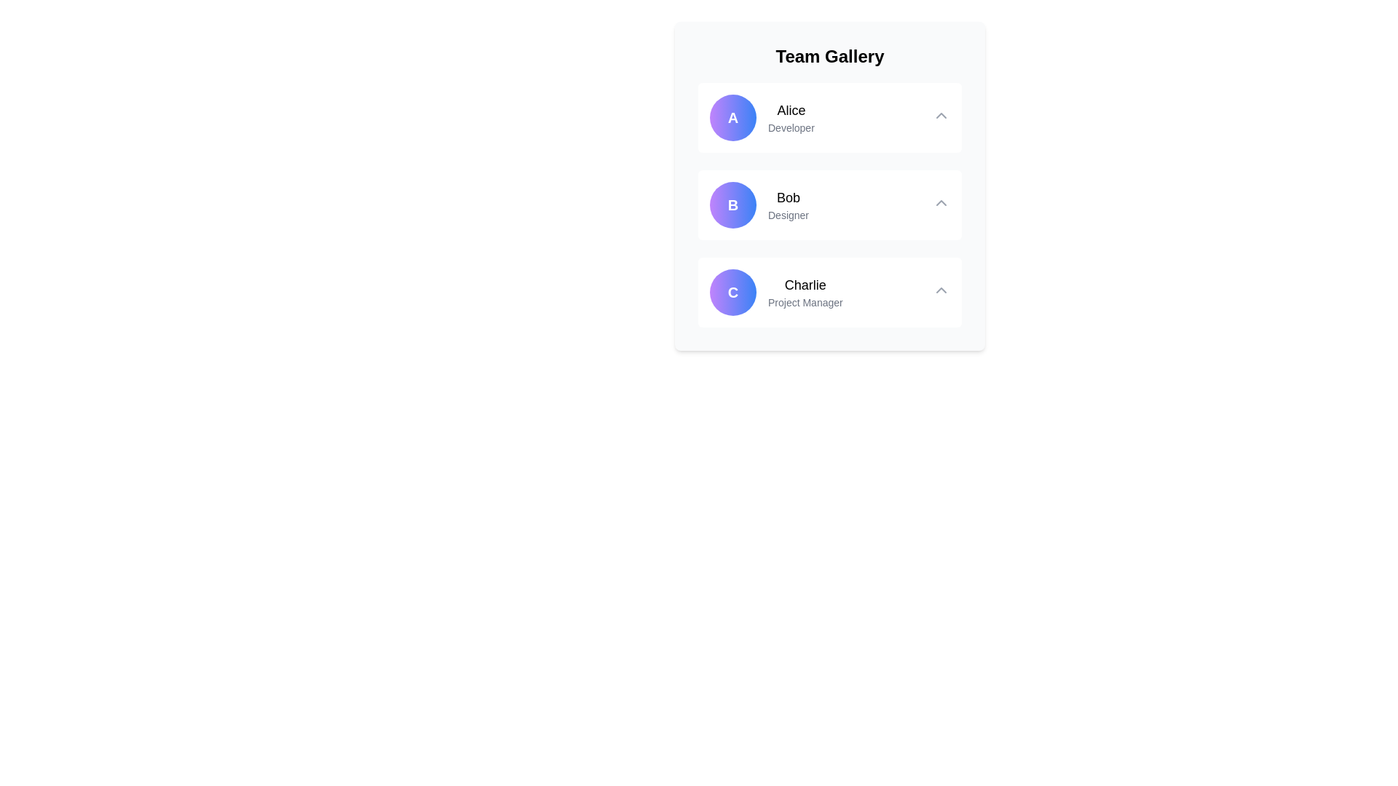  I want to click on the profile card of 'Alice', the first card in the 'Team Gallery', summarizing the role and name of the team member, so click(830, 117).